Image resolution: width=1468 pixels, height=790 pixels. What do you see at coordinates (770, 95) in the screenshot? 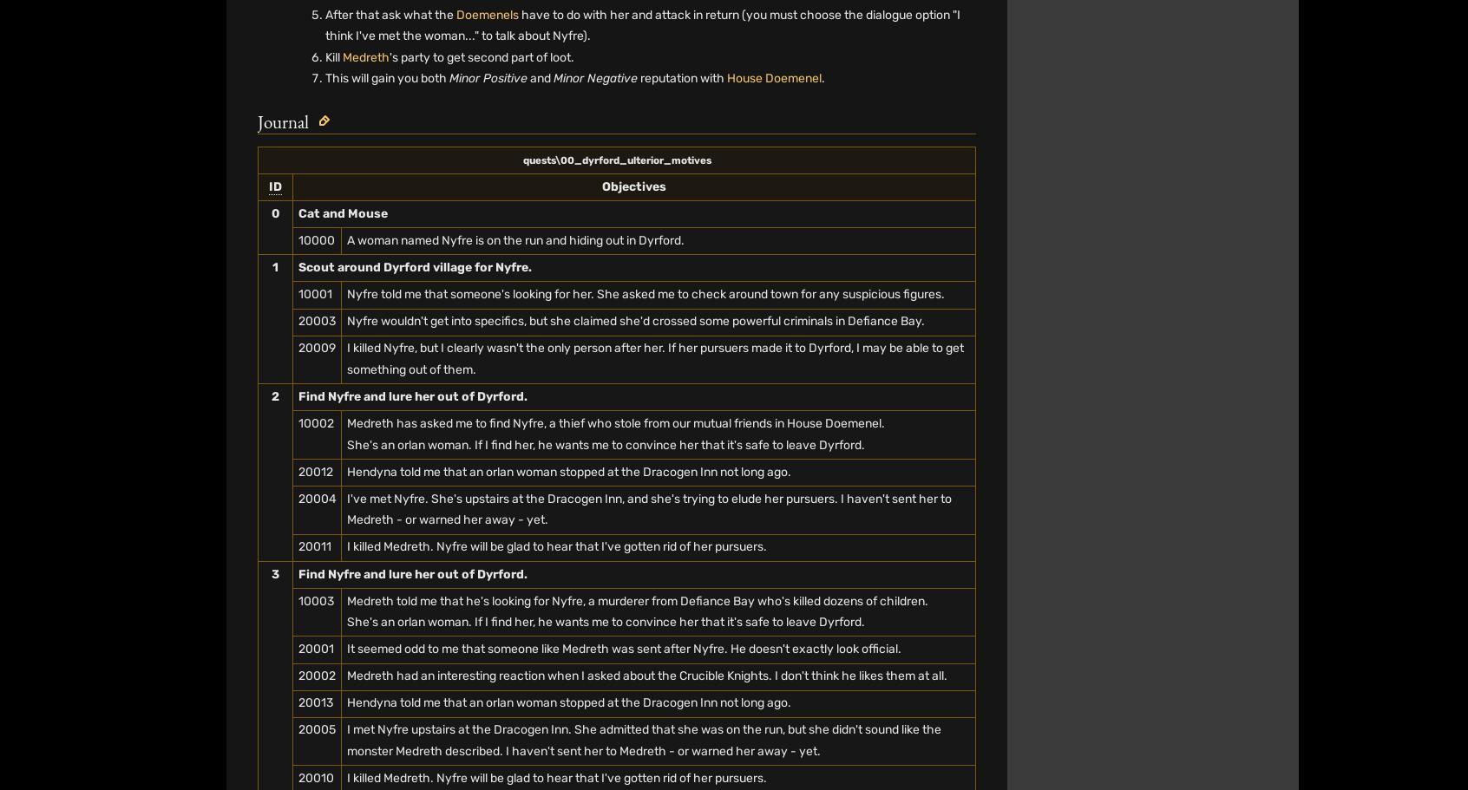
I see `'Advertise'` at bounding box center [770, 95].